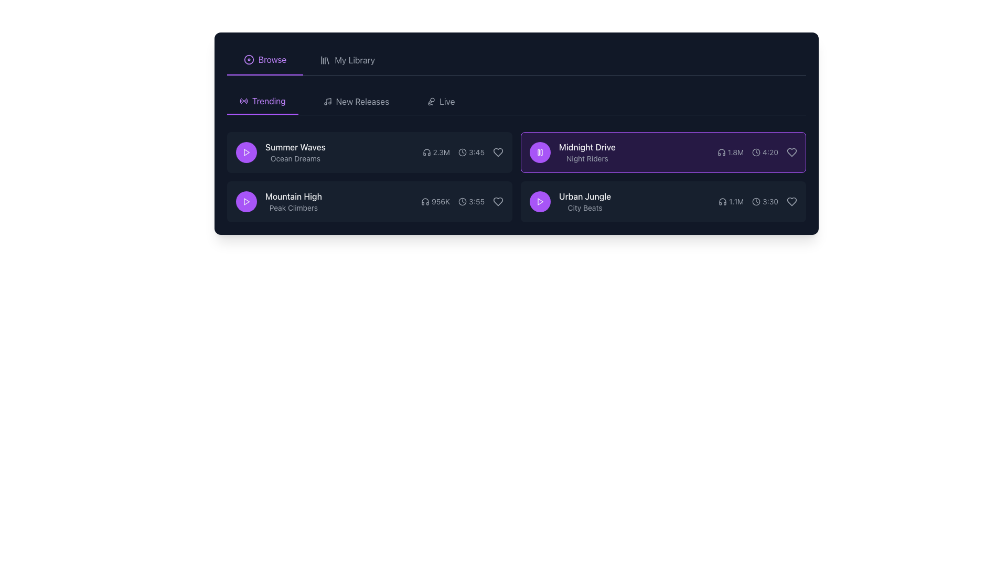 The image size is (1007, 566). Describe the element at coordinates (584, 208) in the screenshot. I see `information displayed on the text label that reads 'City Beats', which is a small light gray font positioned below 'Urban Jungle'` at that location.